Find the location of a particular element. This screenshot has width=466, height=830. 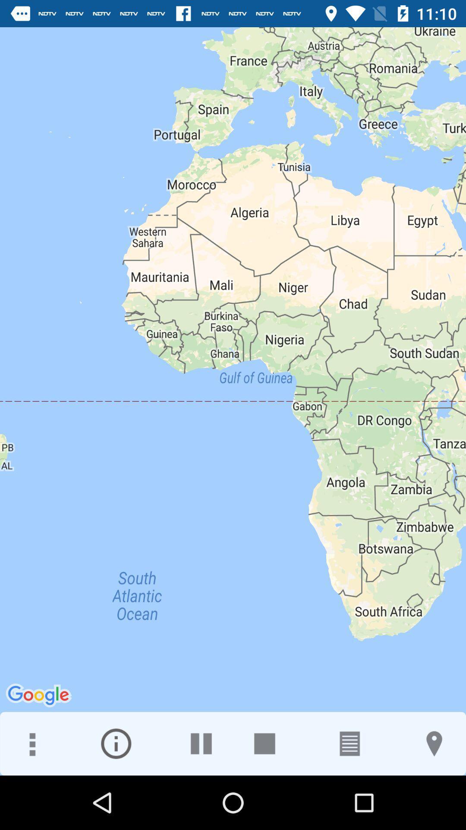

the location icon is located at coordinates (434, 743).